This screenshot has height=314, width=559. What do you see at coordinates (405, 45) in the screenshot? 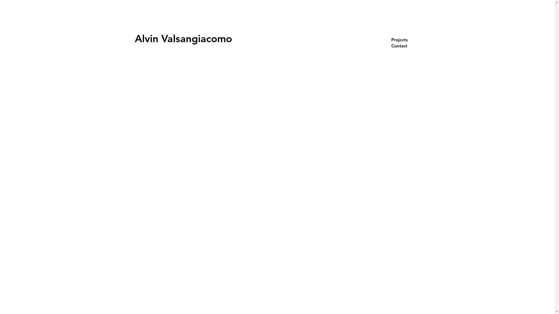
I see `'Contact'` at bounding box center [405, 45].